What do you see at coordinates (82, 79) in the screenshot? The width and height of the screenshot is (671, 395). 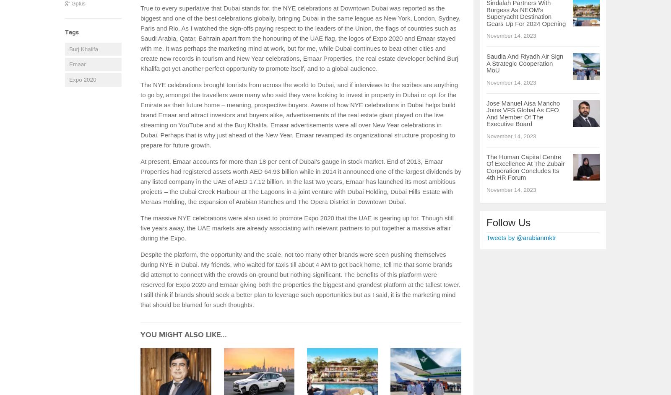 I see `'Expo 2020'` at bounding box center [82, 79].